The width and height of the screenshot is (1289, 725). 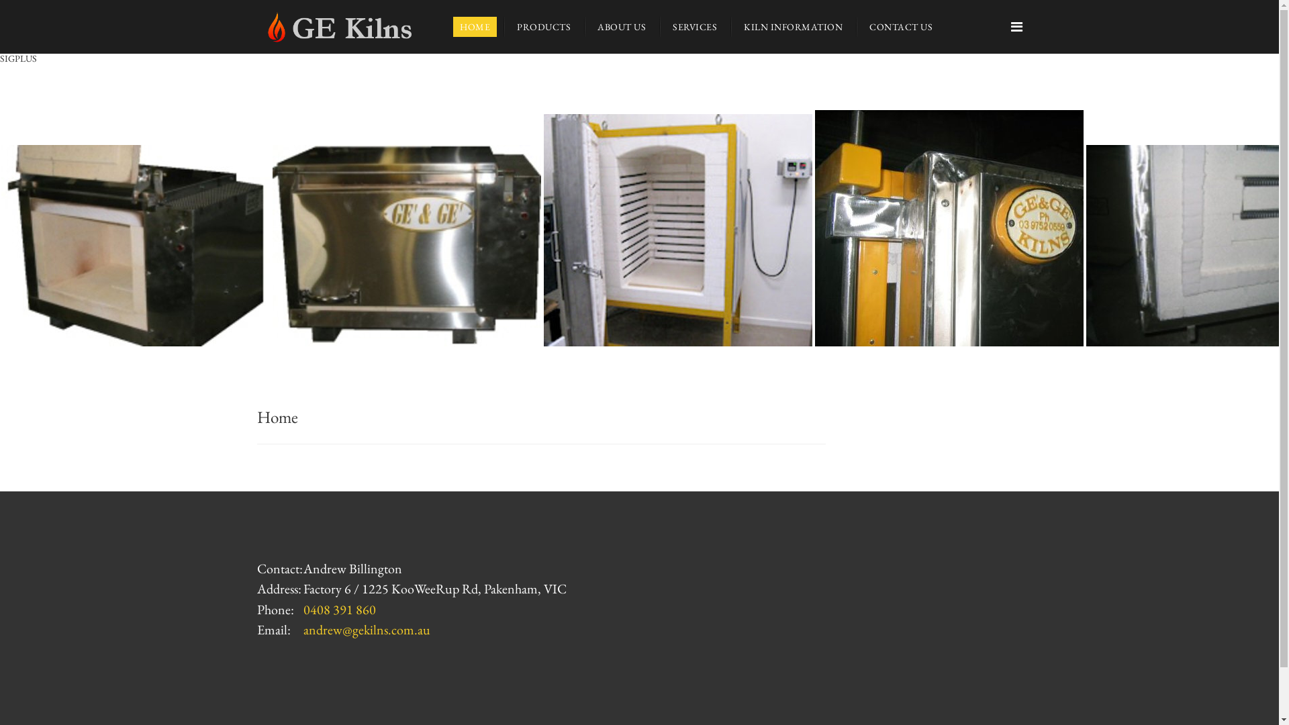 What do you see at coordinates (793, 26) in the screenshot?
I see `'KILN INFORMATION'` at bounding box center [793, 26].